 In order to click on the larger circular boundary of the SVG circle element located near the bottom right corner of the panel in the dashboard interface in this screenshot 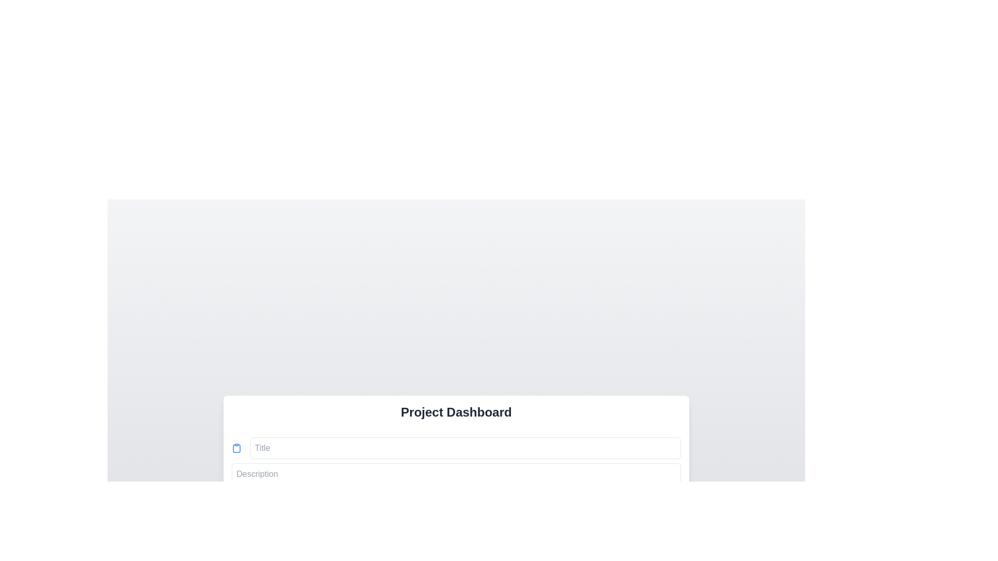, I will do `click(676, 511)`.